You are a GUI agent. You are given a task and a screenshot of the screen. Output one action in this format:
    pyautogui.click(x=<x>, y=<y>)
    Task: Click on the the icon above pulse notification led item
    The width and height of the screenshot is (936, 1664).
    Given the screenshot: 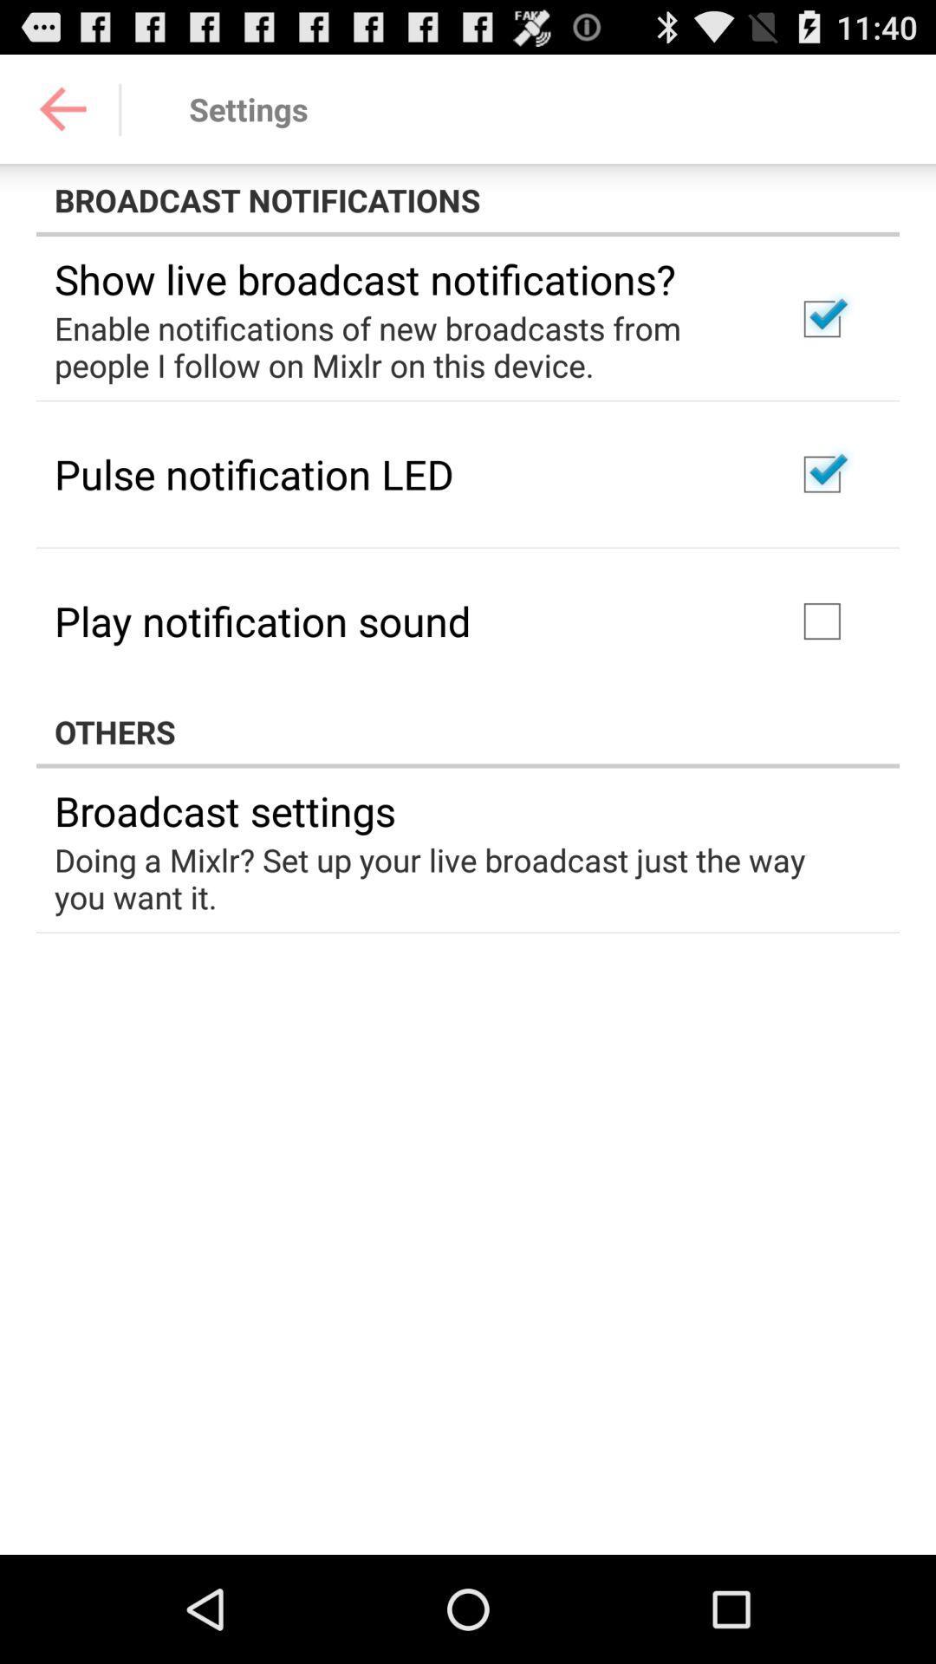 What is the action you would take?
    pyautogui.click(x=401, y=347)
    